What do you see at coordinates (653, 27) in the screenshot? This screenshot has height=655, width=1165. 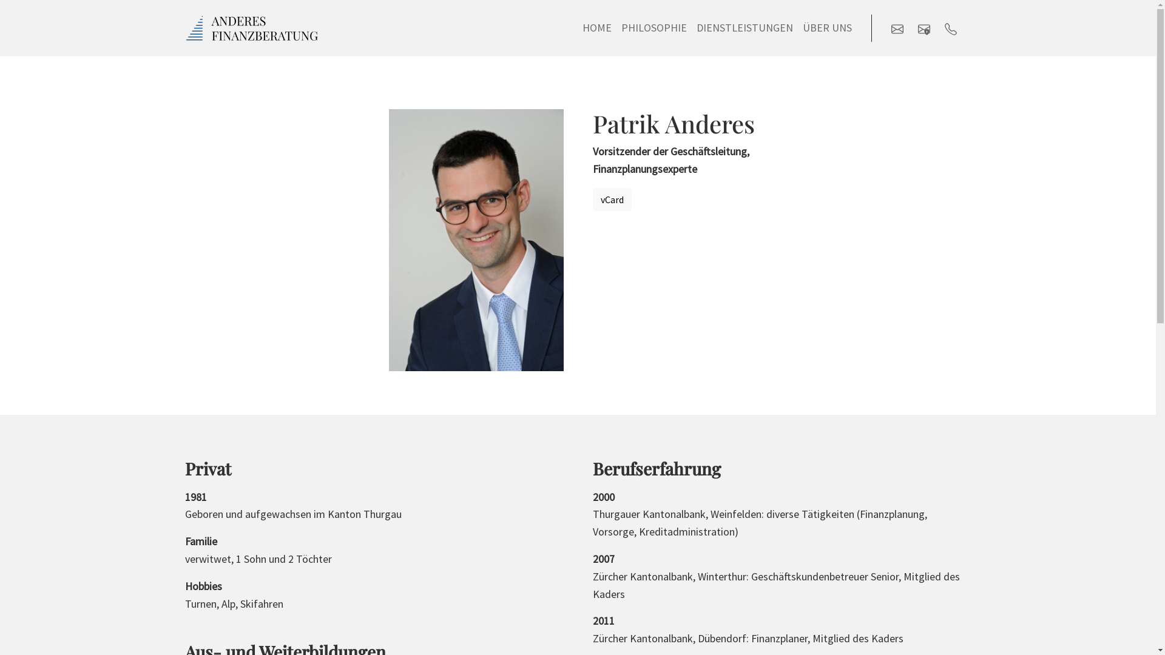 I see `'PHILOSOPHIE'` at bounding box center [653, 27].